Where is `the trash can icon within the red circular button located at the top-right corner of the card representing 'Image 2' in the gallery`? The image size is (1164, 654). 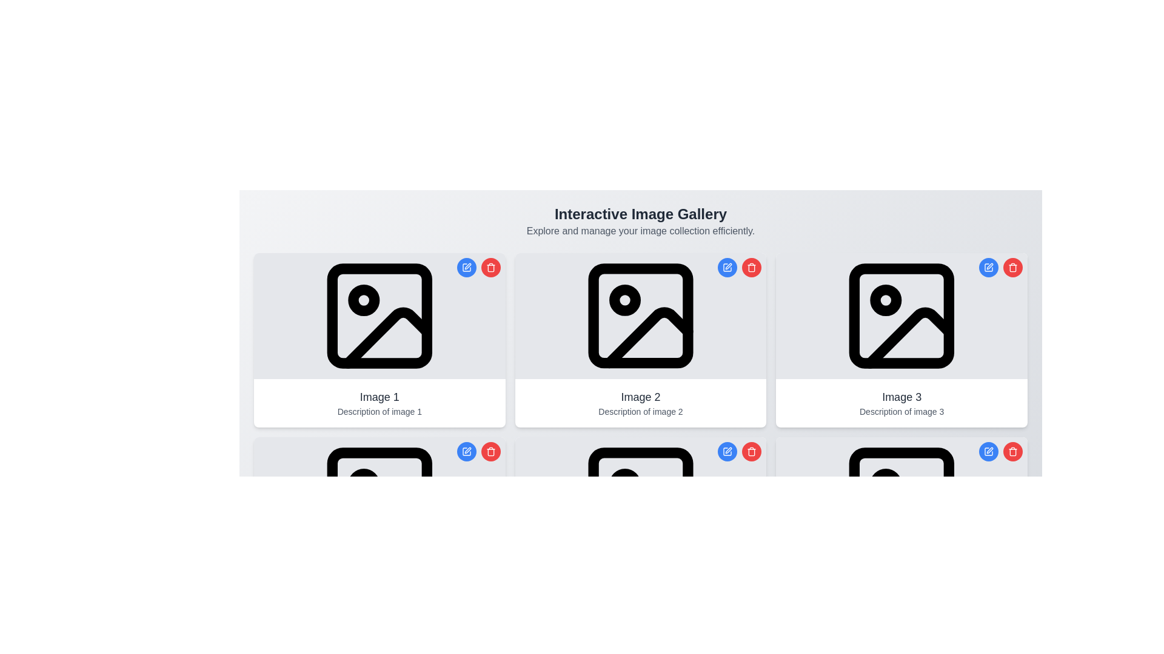 the trash can icon within the red circular button located at the top-right corner of the card representing 'Image 2' in the gallery is located at coordinates (751, 451).